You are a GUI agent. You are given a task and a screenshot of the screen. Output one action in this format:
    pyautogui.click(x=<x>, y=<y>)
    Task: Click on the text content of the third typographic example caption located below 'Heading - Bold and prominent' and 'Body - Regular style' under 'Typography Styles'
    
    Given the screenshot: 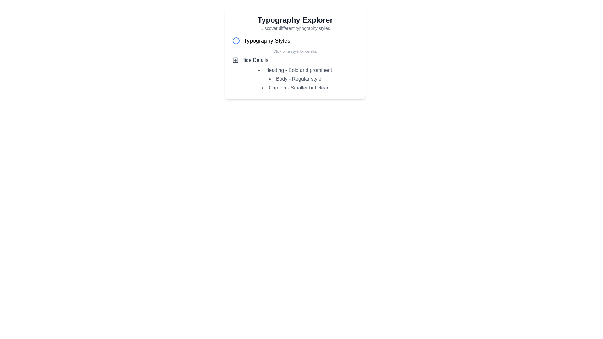 What is the action you would take?
    pyautogui.click(x=295, y=88)
    